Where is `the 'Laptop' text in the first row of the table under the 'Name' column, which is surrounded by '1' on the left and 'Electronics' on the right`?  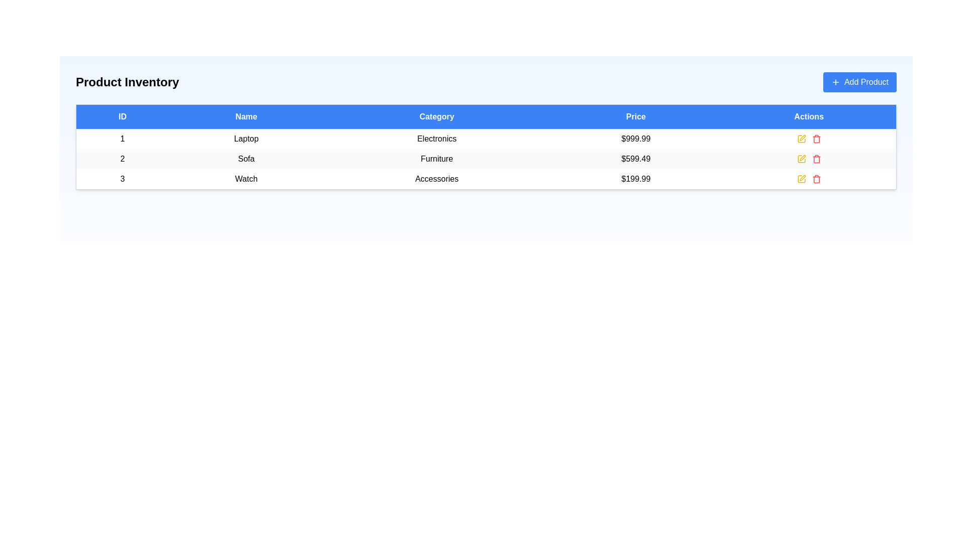
the 'Laptop' text in the first row of the table under the 'Name' column, which is surrounded by '1' on the left and 'Electronics' on the right is located at coordinates (246, 139).